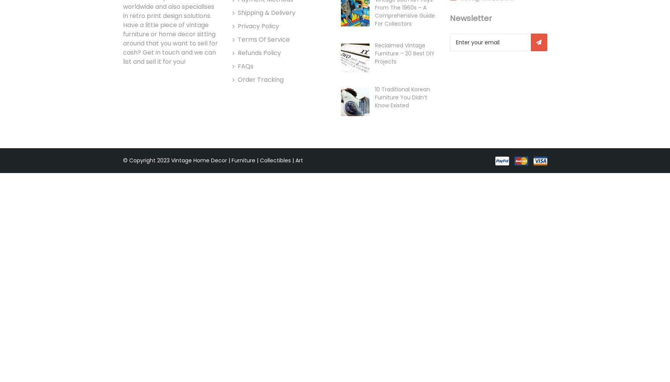 Image resolution: width=670 pixels, height=382 pixels. What do you see at coordinates (263, 39) in the screenshot?
I see `'Terms of Service'` at bounding box center [263, 39].